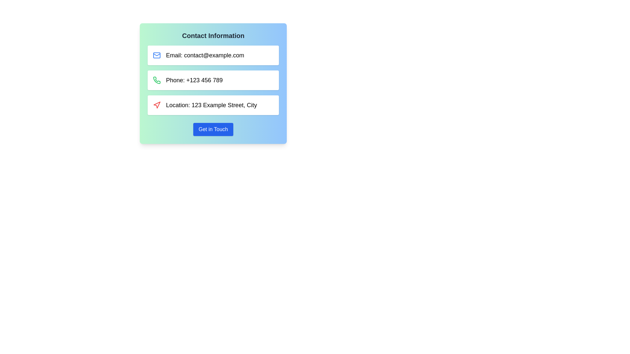  Describe the element at coordinates (213, 80) in the screenshot. I see `the Information display block containing the green phone icon and the text 'Phone: +123 456 789'` at that location.